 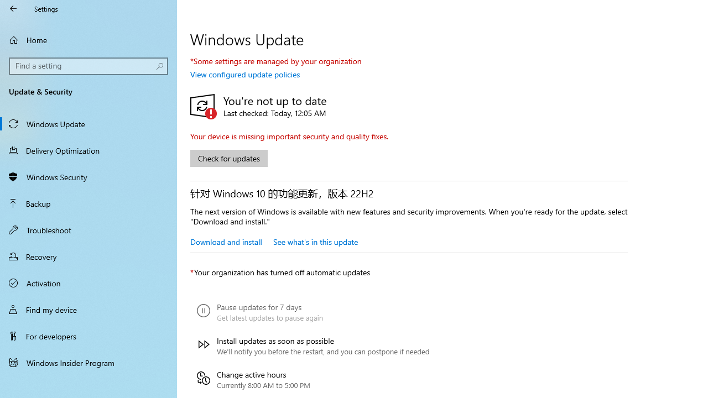 What do you see at coordinates (88, 336) in the screenshot?
I see `'For developers'` at bounding box center [88, 336].